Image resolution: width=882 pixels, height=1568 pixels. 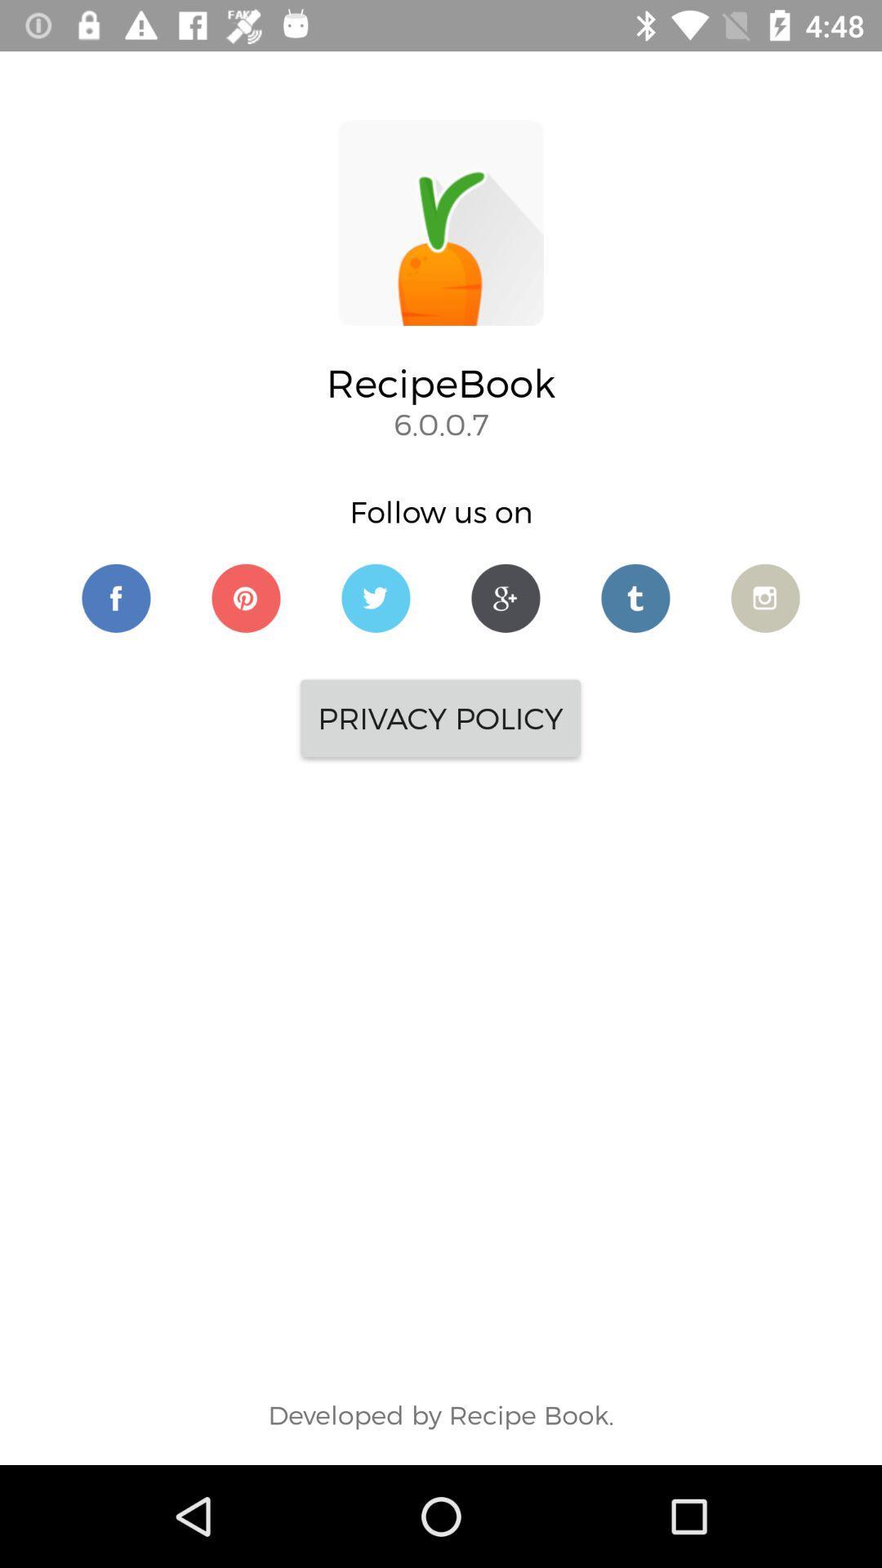 I want to click on twitter, so click(x=635, y=597).